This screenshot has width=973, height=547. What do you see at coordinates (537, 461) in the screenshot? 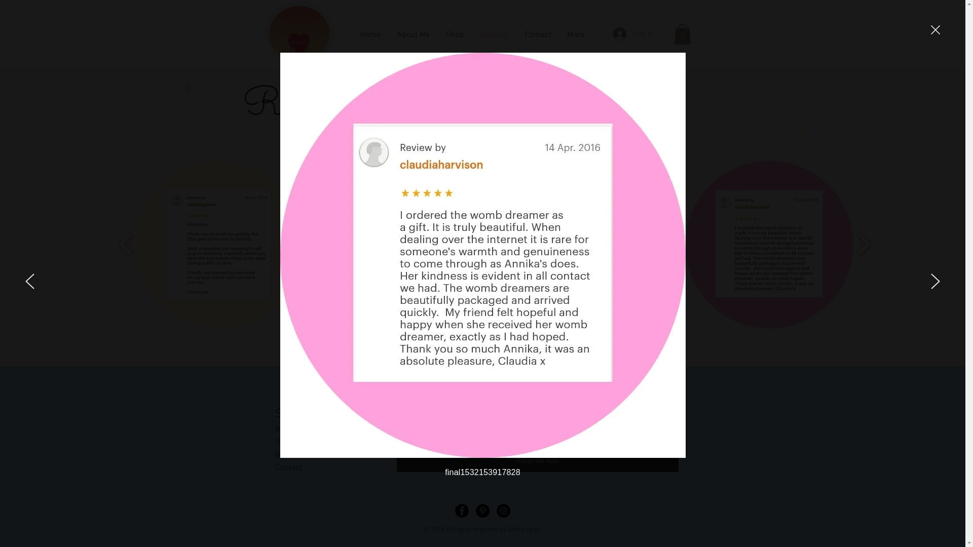
I see `'Subscribe Now'` at bounding box center [537, 461].